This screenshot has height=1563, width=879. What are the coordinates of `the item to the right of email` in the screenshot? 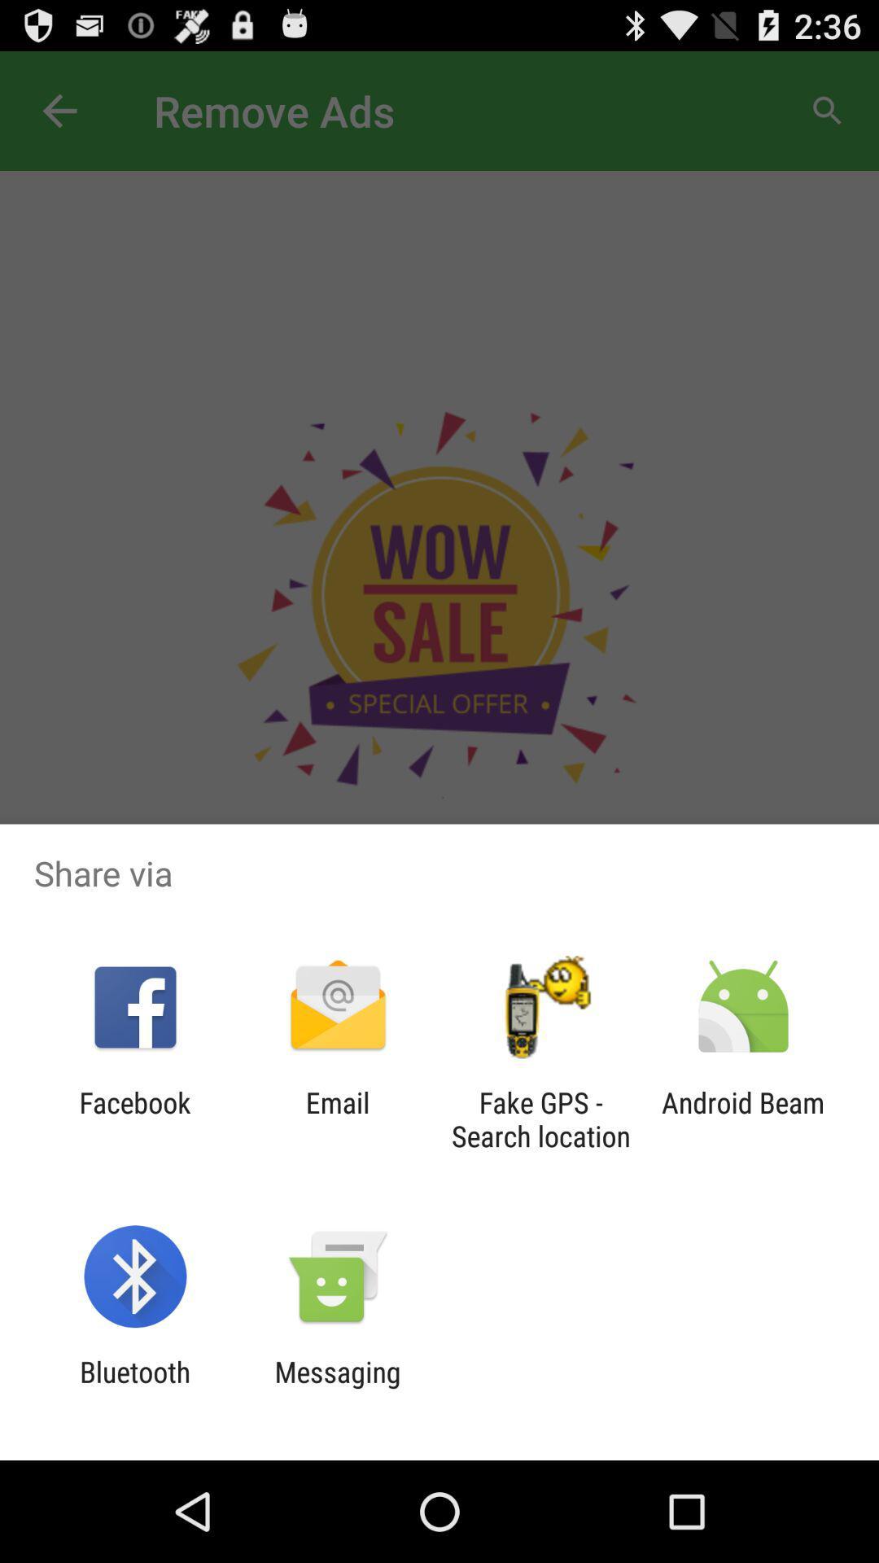 It's located at (540, 1119).